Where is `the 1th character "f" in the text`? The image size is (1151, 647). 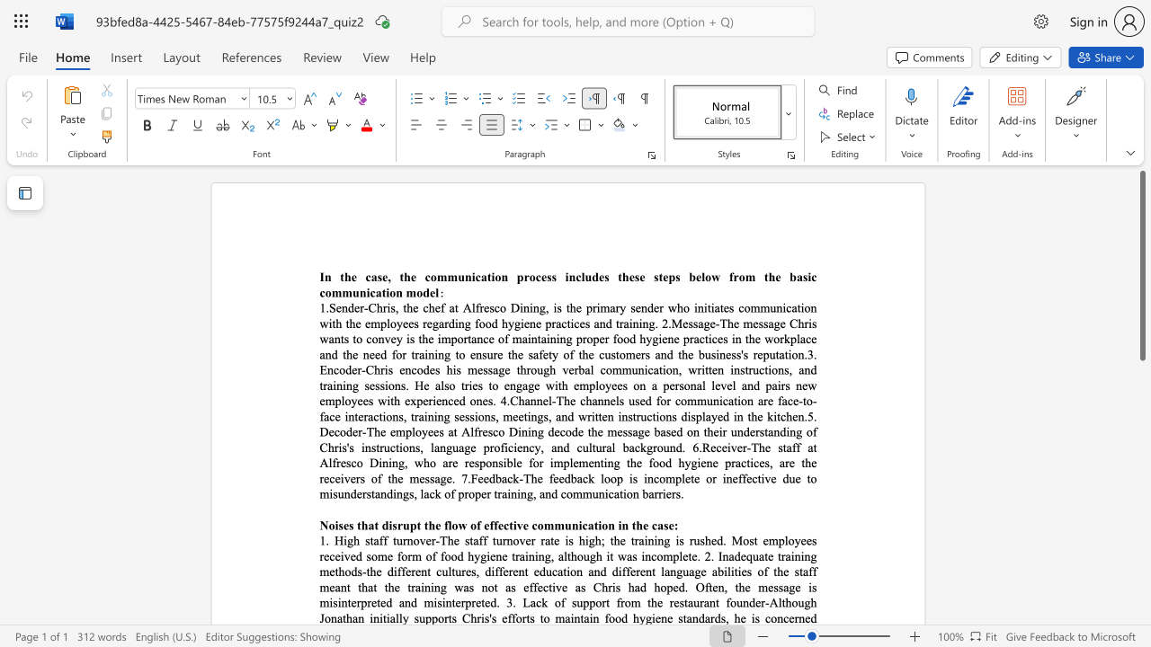
the 1th character "f" in the text is located at coordinates (731, 277).